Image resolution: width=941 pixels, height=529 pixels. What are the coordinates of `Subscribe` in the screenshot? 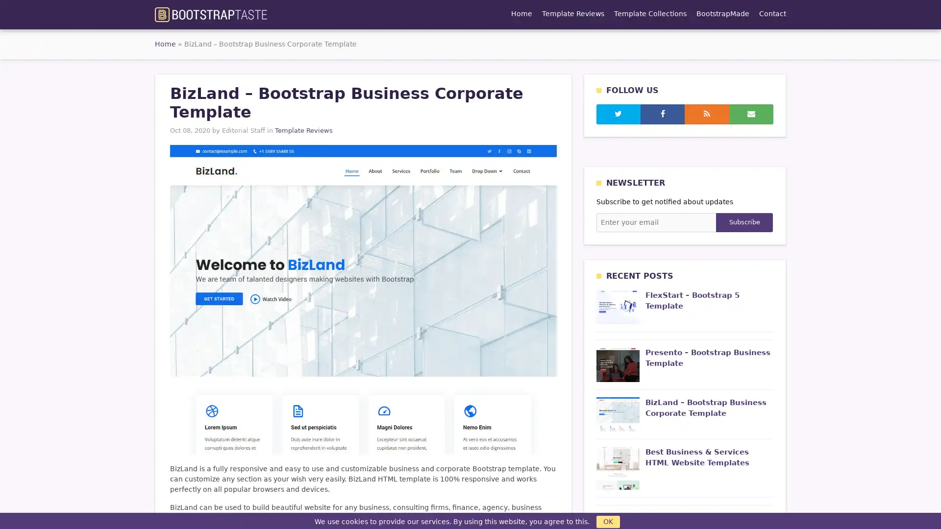 It's located at (744, 222).